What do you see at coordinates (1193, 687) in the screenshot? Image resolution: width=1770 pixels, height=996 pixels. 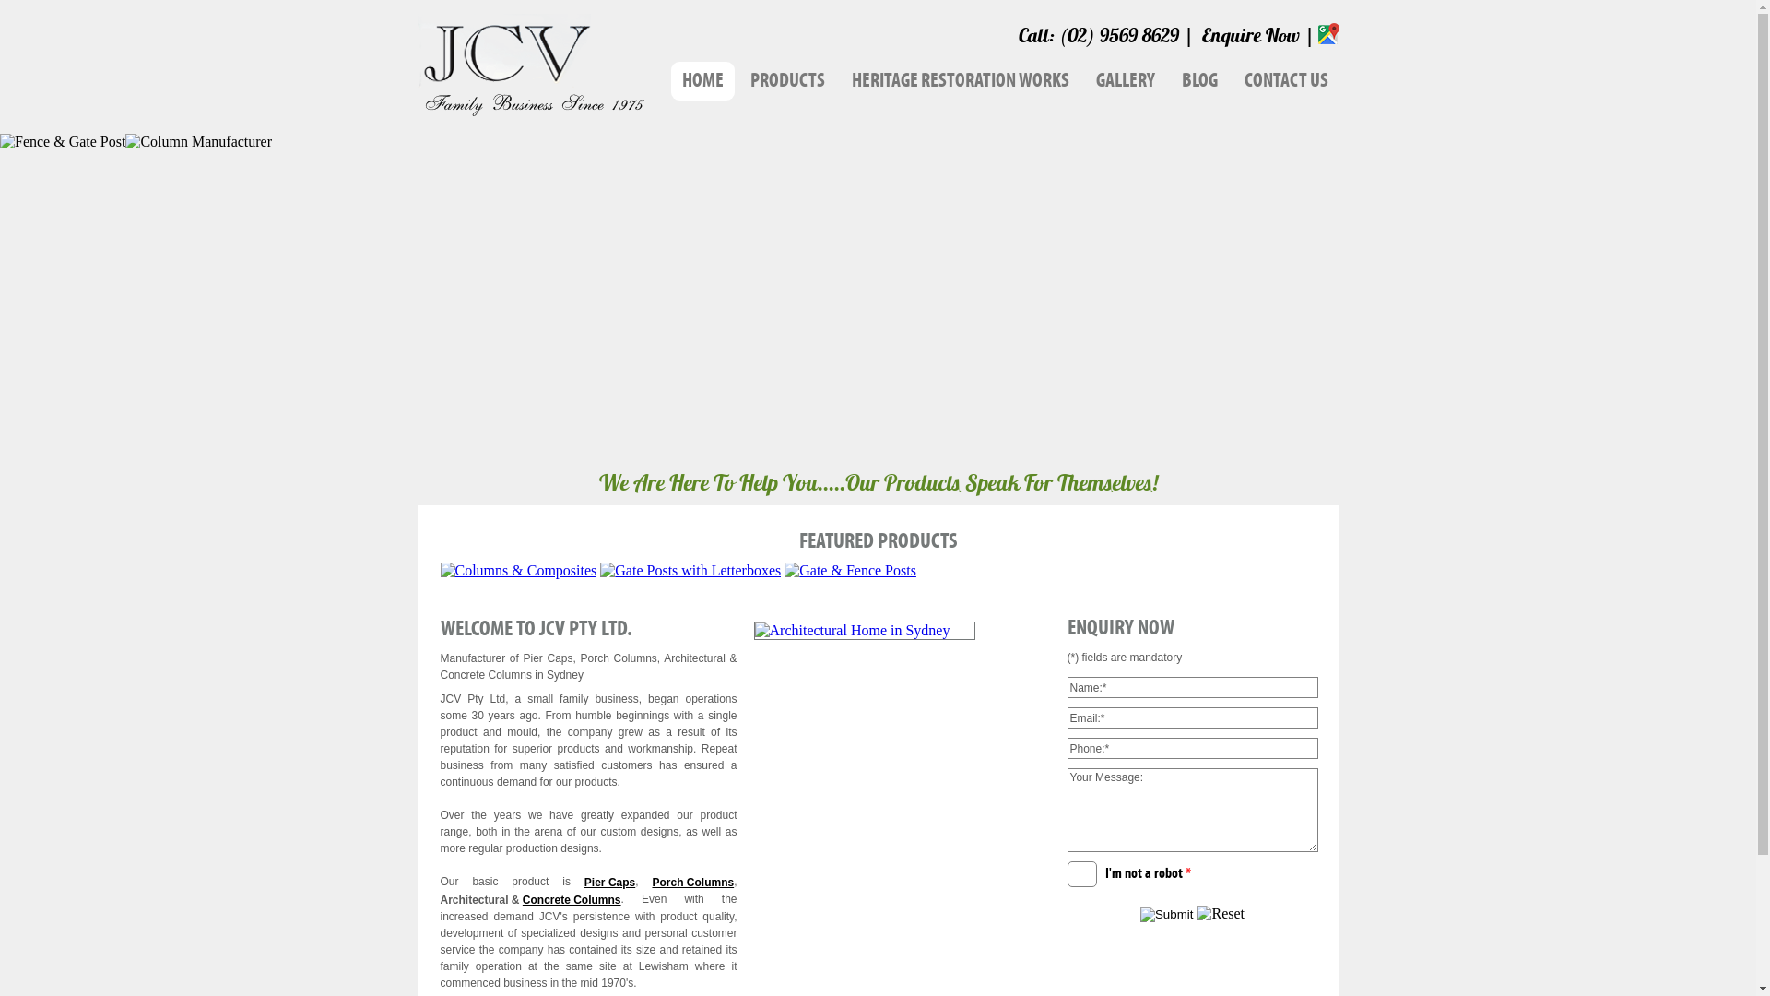 I see `'name'` at bounding box center [1193, 687].